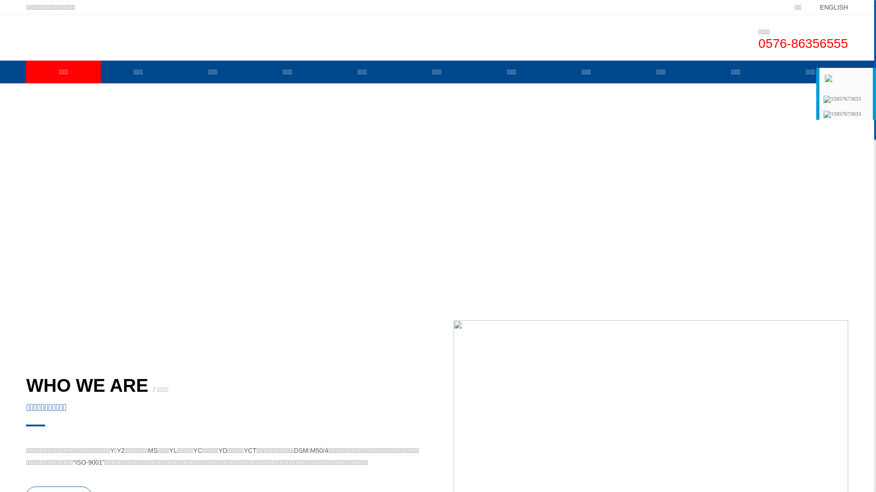  I want to click on 'ENGLISH', so click(827, 7).